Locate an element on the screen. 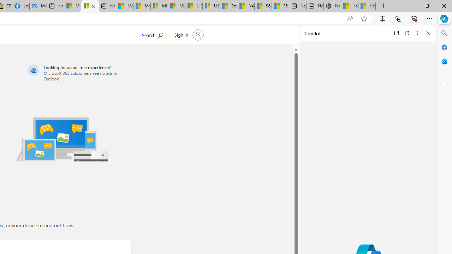 The image size is (452, 254). 'Looking for an ad-free experience?' is located at coordinates (78, 73).